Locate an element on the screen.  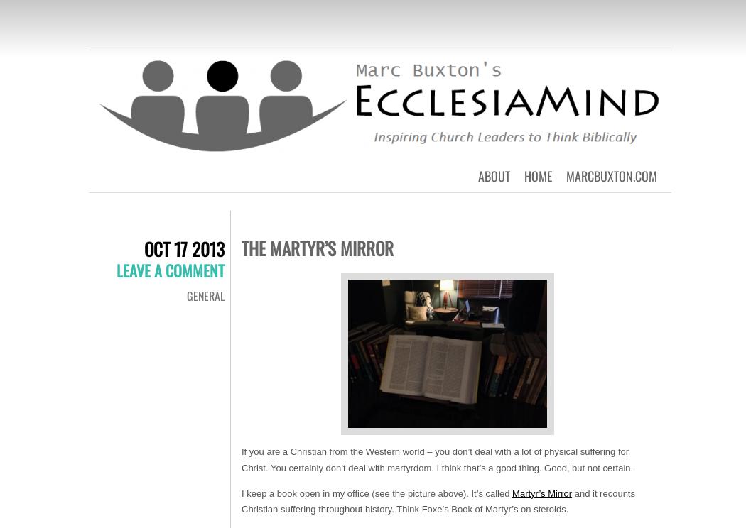
'The Martyr’s Mirror' is located at coordinates (316, 247).